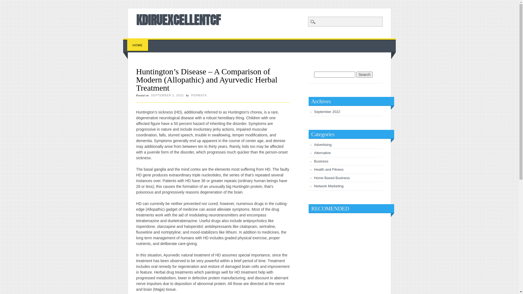 The image size is (523, 294). What do you see at coordinates (328, 186) in the screenshot?
I see `'Network Marketing'` at bounding box center [328, 186].